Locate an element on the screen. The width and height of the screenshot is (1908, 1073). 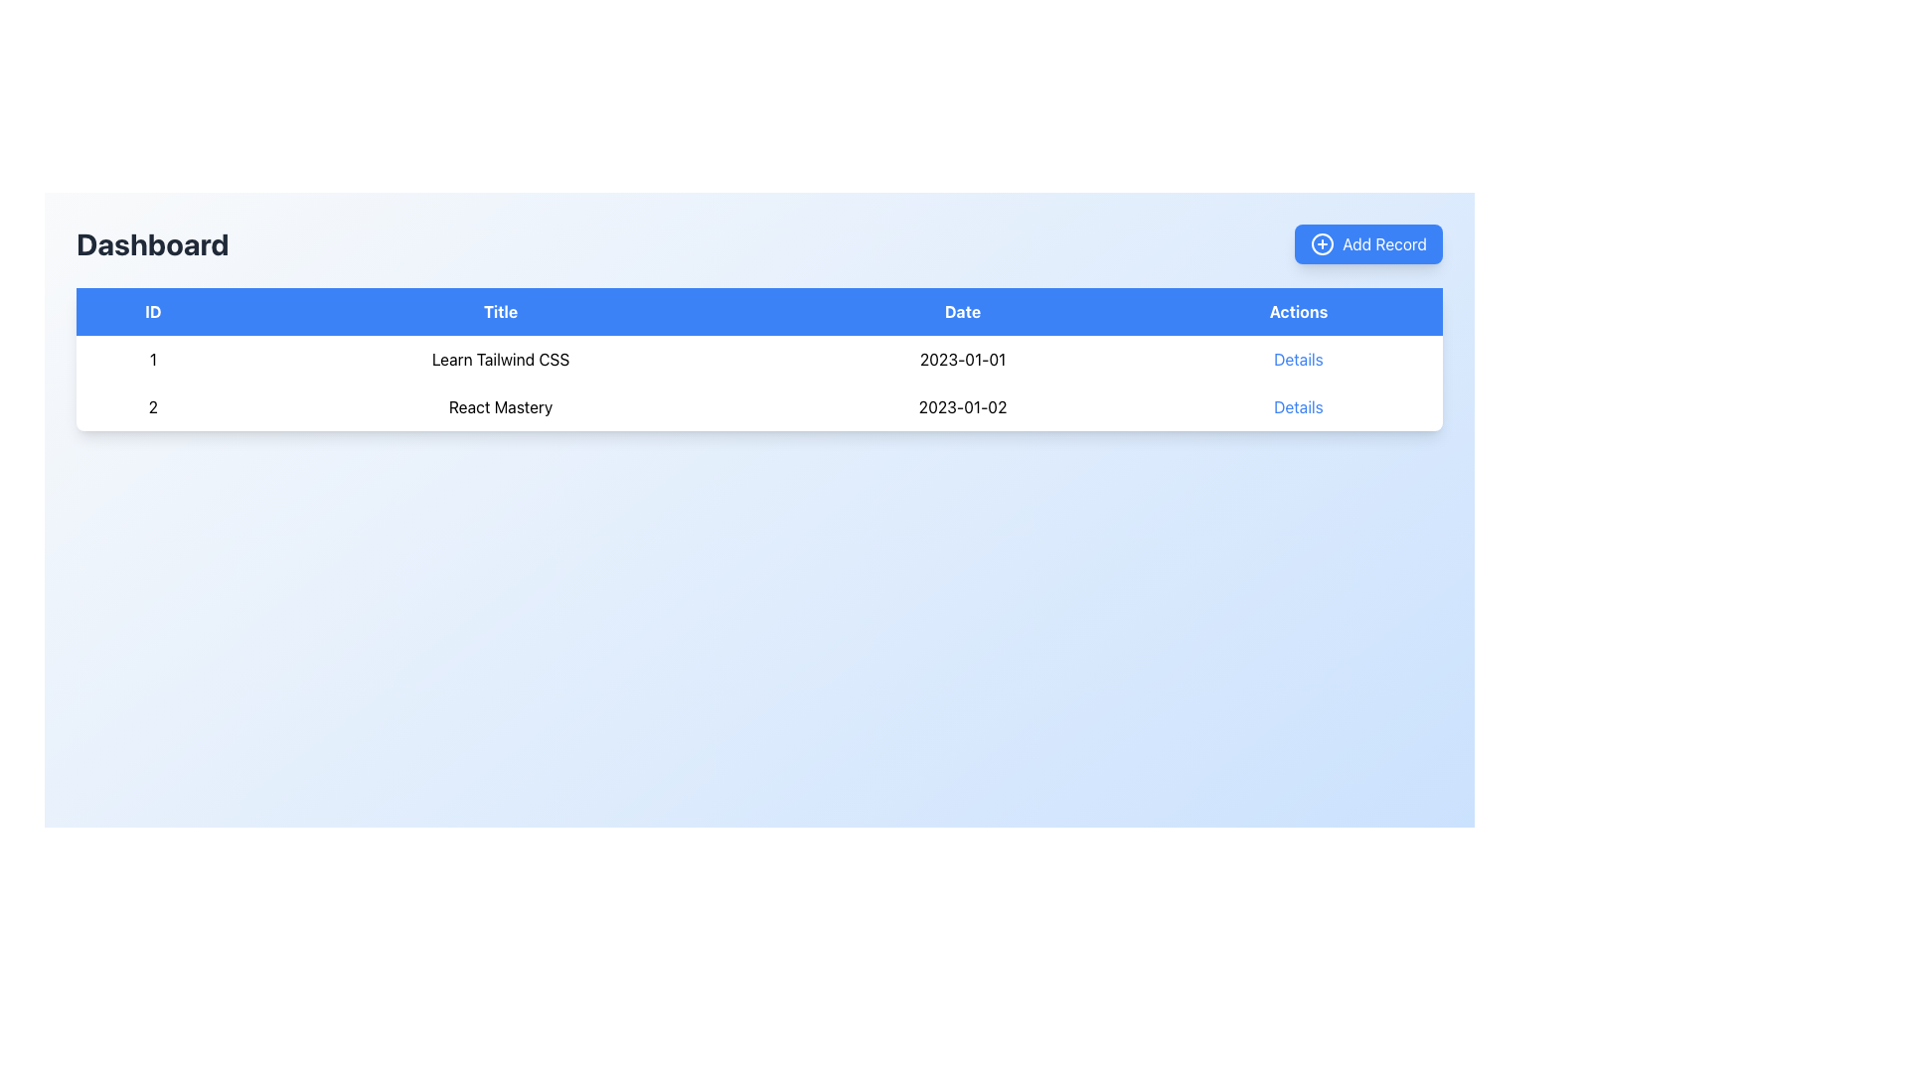
the 'Details' hyperlink styled in blue text located in the last column of the second row of the table is located at coordinates (1298, 405).